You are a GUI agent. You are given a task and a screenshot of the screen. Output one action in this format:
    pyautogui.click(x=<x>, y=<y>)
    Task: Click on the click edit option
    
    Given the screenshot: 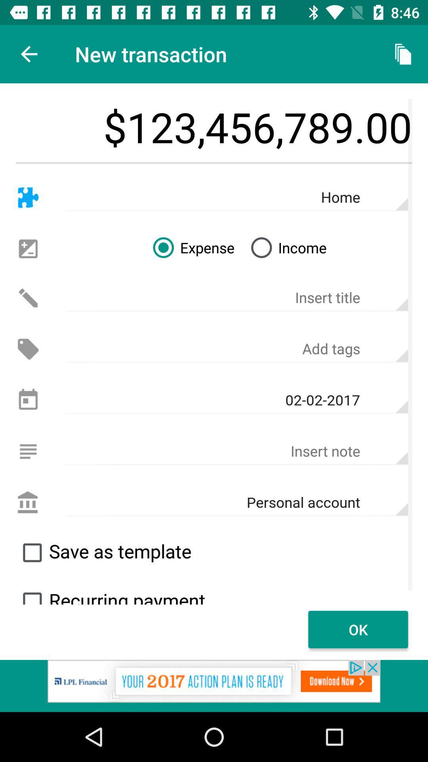 What is the action you would take?
    pyautogui.click(x=28, y=297)
    